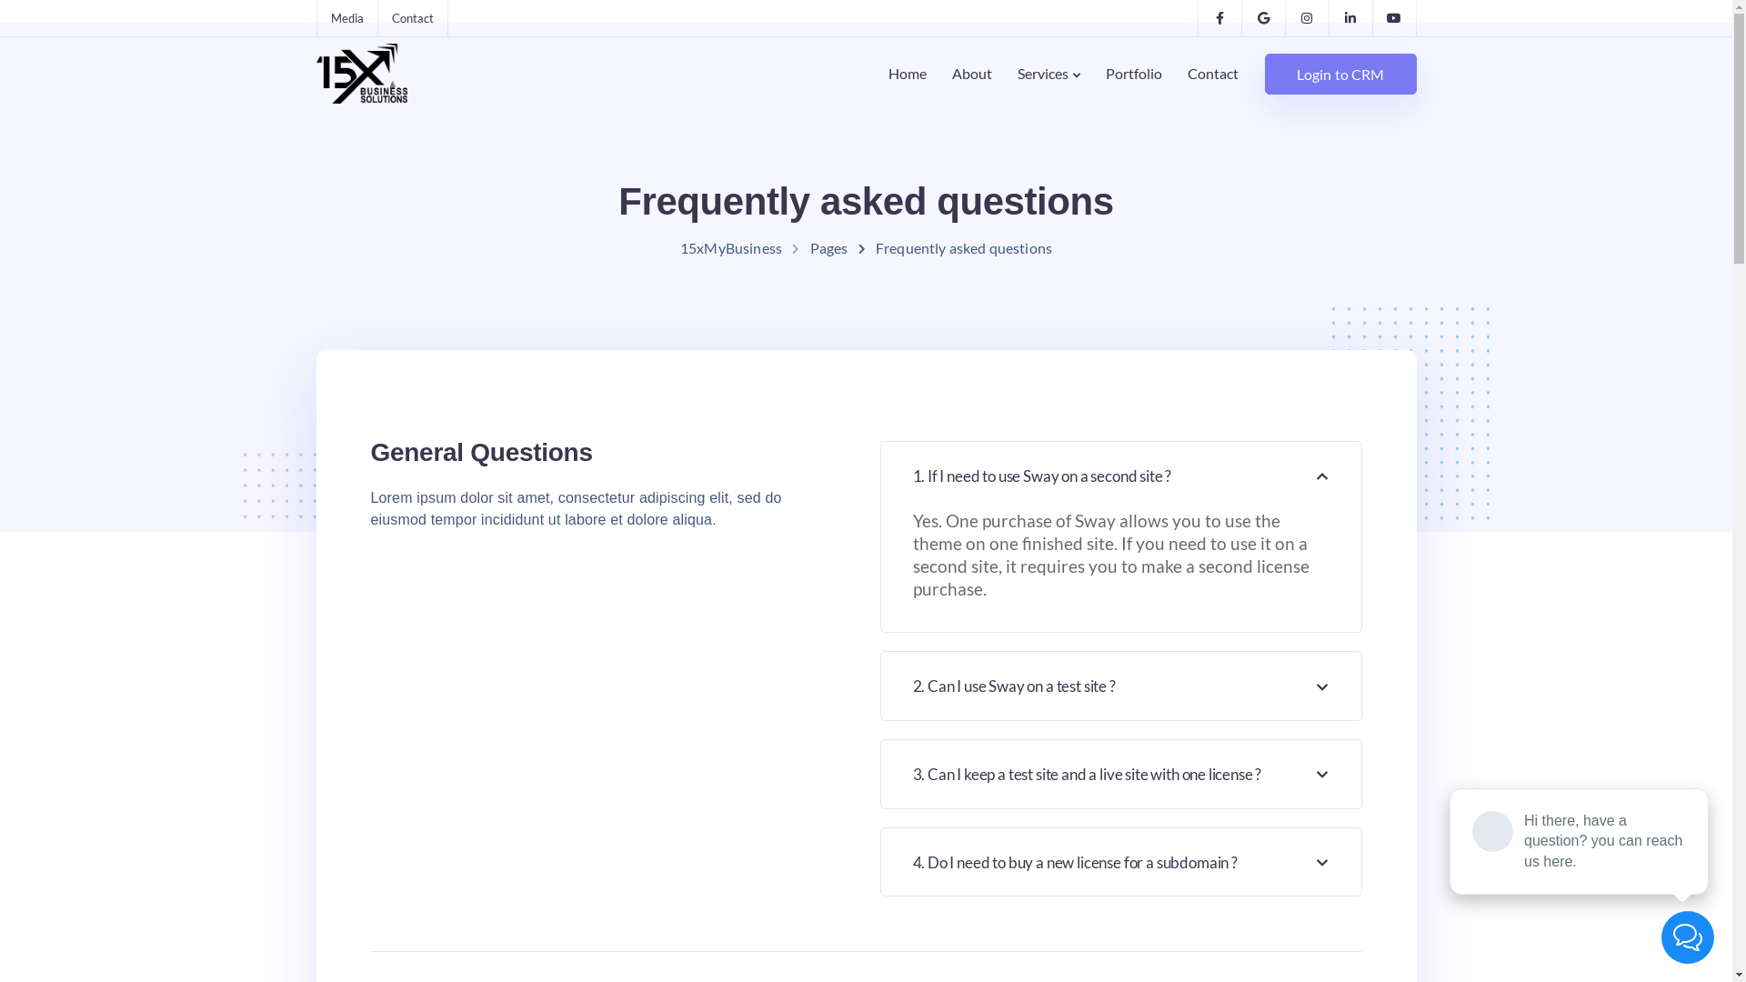  What do you see at coordinates (995, 798) in the screenshot?
I see `'SEO Analyzer'` at bounding box center [995, 798].